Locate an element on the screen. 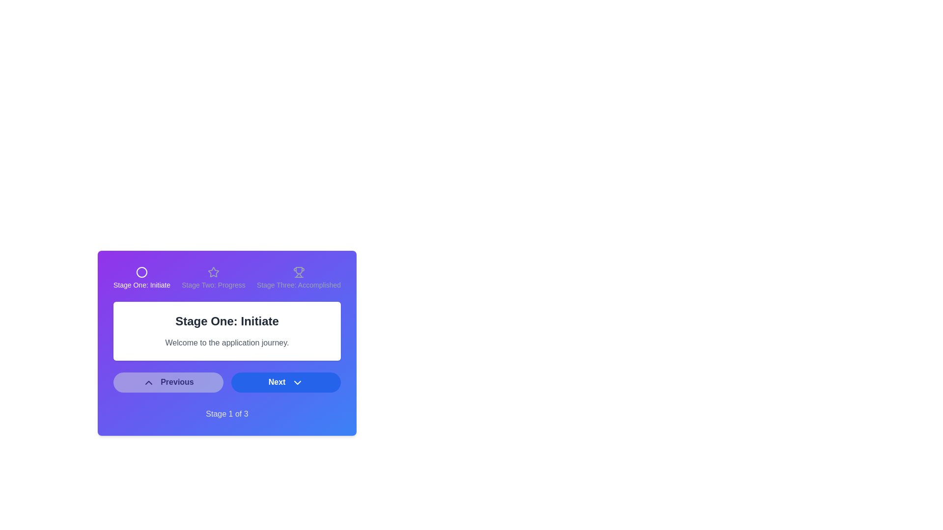  the Progression stage indicator, which represents the second stage in the progression flow is located at coordinates (213, 278).